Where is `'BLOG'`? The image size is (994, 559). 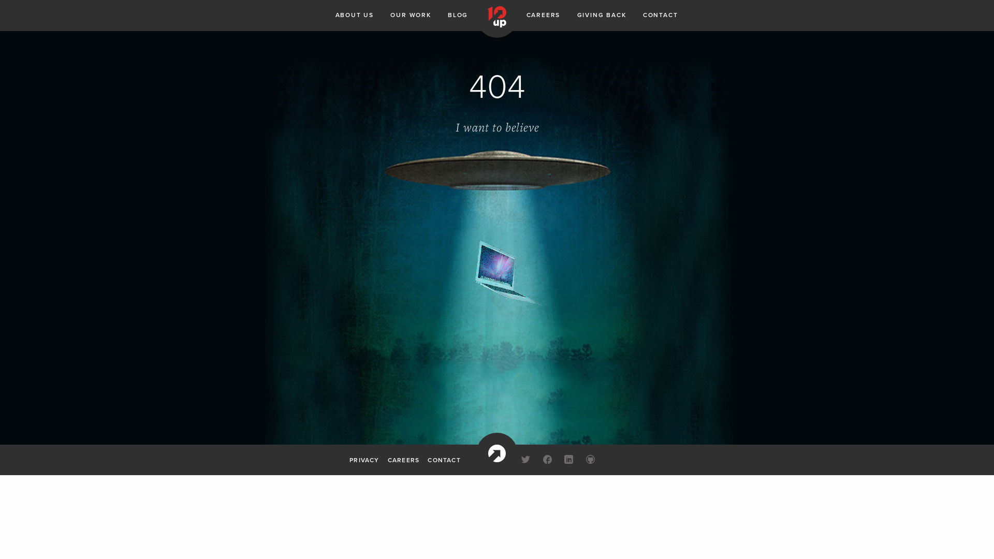 'BLOG' is located at coordinates (447, 15).